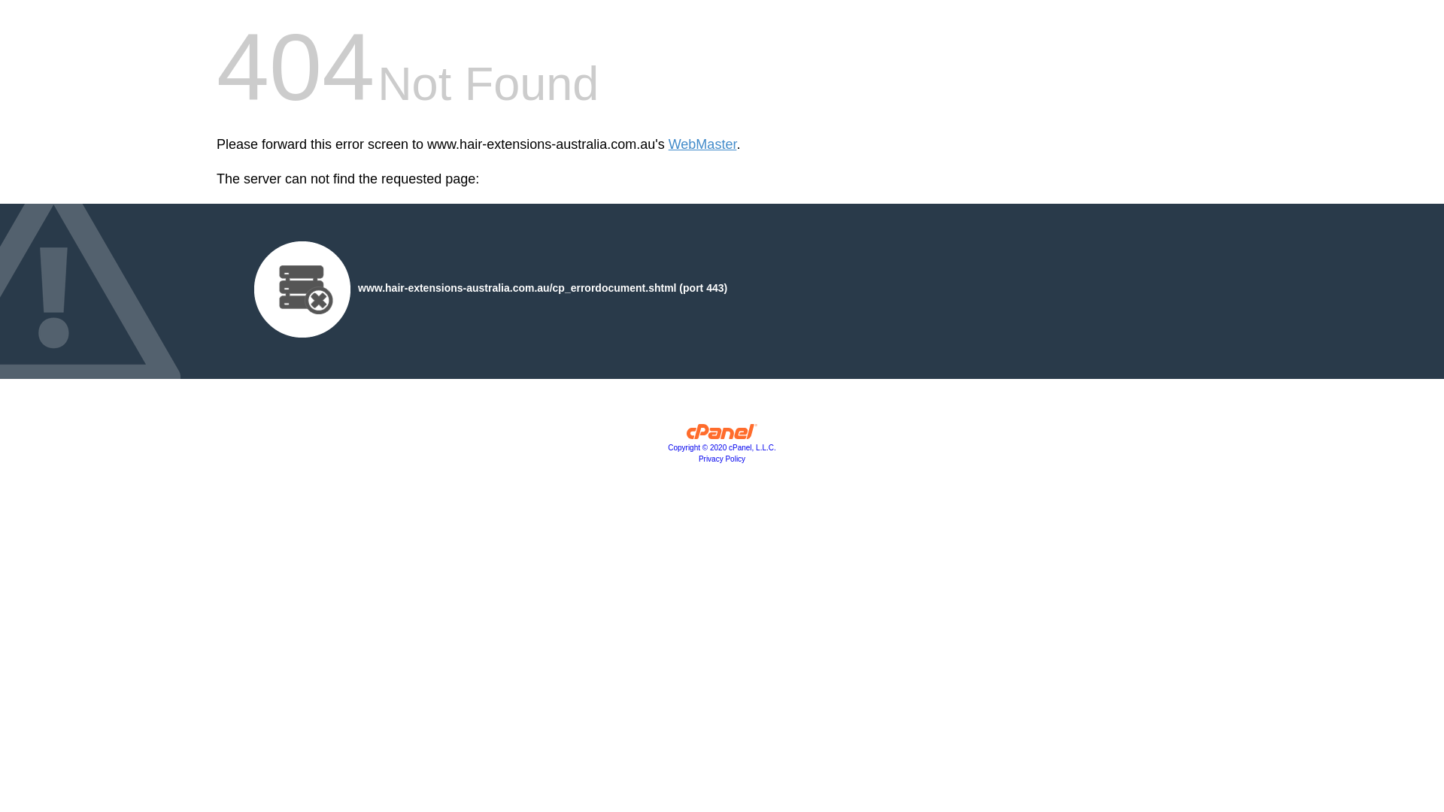 The height and width of the screenshot is (812, 1444). What do you see at coordinates (722, 435) in the screenshot?
I see `'cPanel, Inc.'` at bounding box center [722, 435].